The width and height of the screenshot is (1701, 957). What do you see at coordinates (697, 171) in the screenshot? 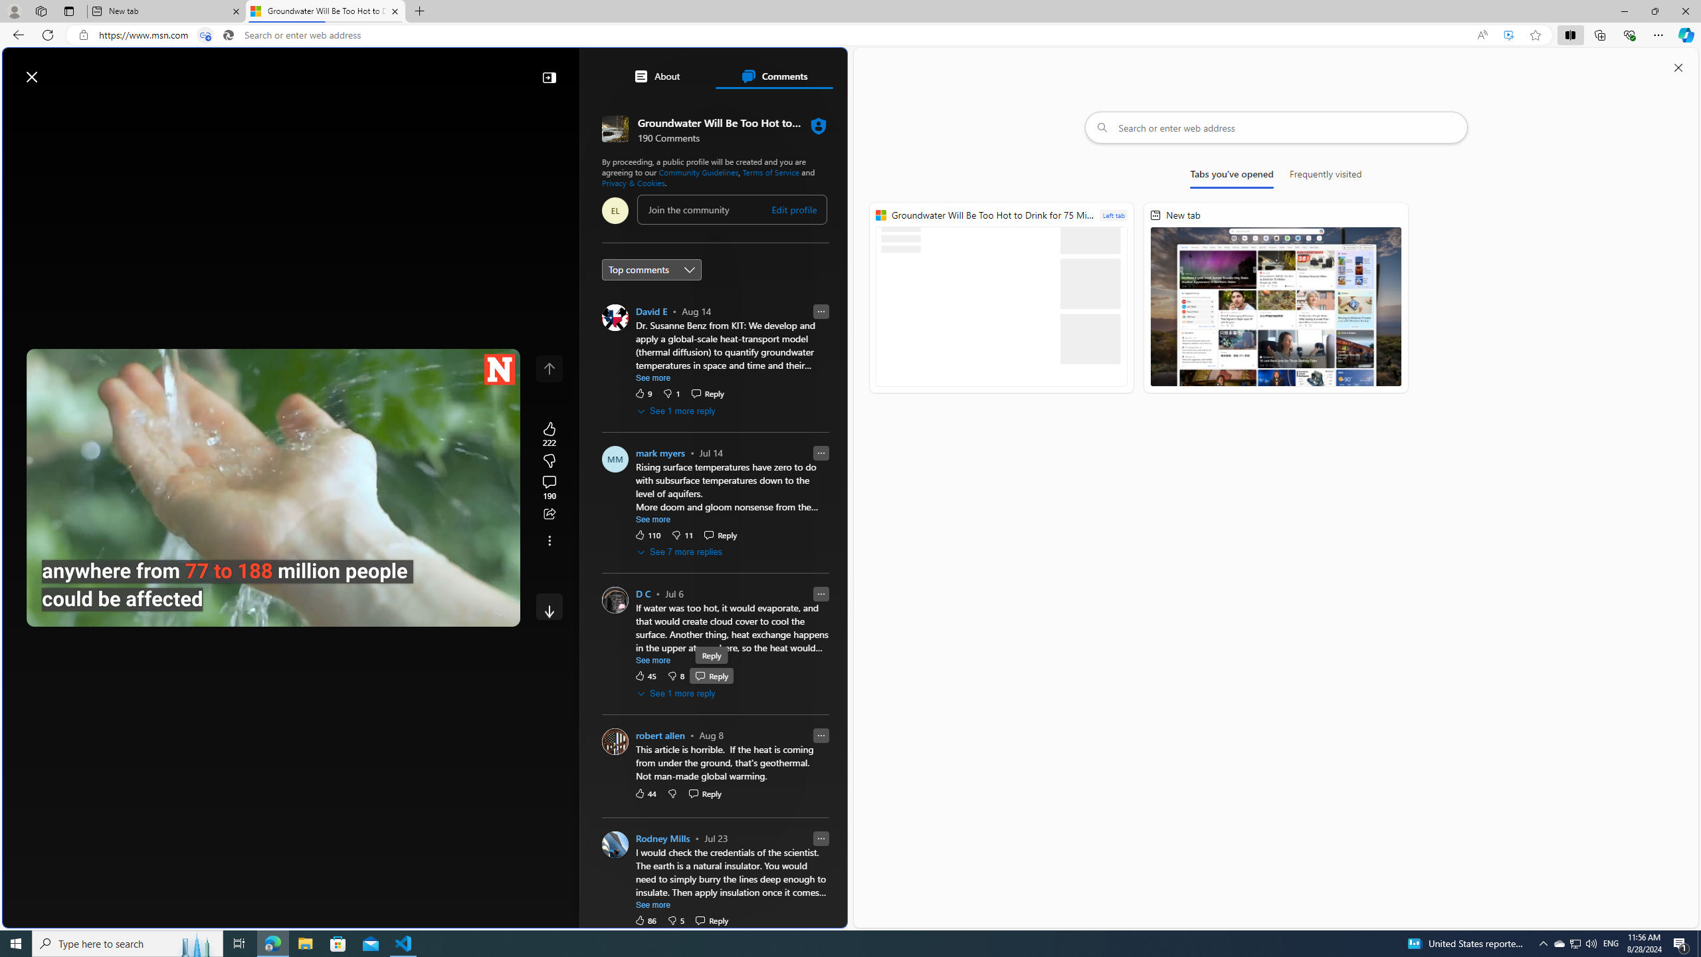
I see `'Community Guidelines'` at bounding box center [697, 171].